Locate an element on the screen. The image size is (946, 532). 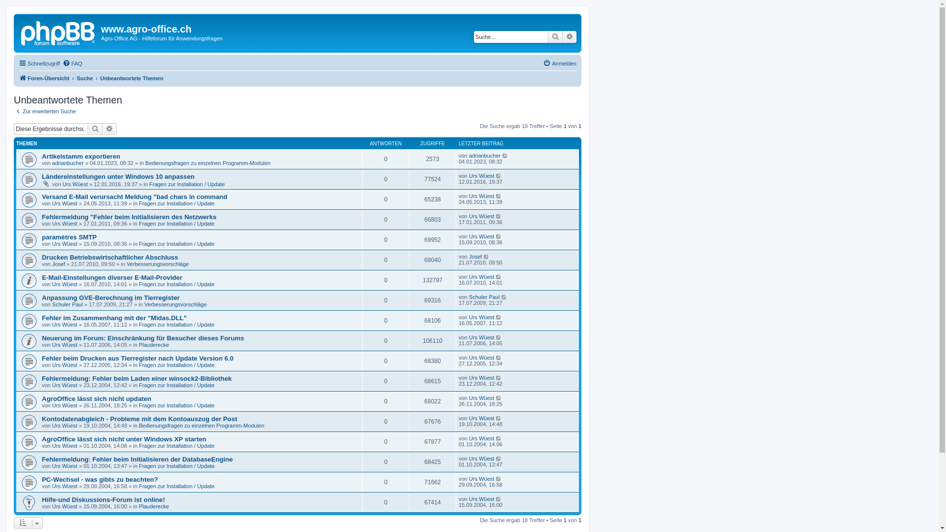
'Fragen zur Installation / Update' is located at coordinates (176, 365).